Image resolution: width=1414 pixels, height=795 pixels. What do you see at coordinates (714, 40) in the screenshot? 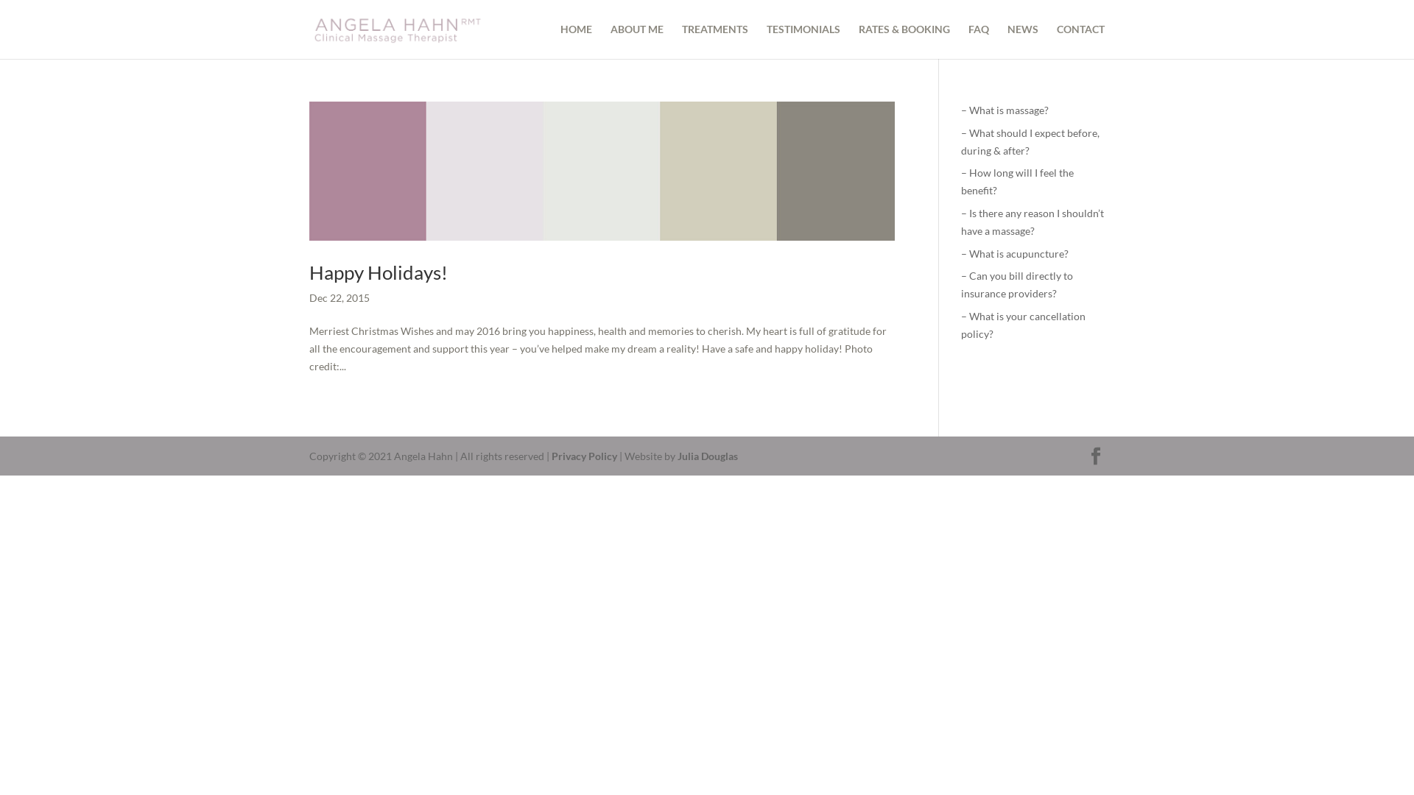
I see `'TREATMENTS'` at bounding box center [714, 40].